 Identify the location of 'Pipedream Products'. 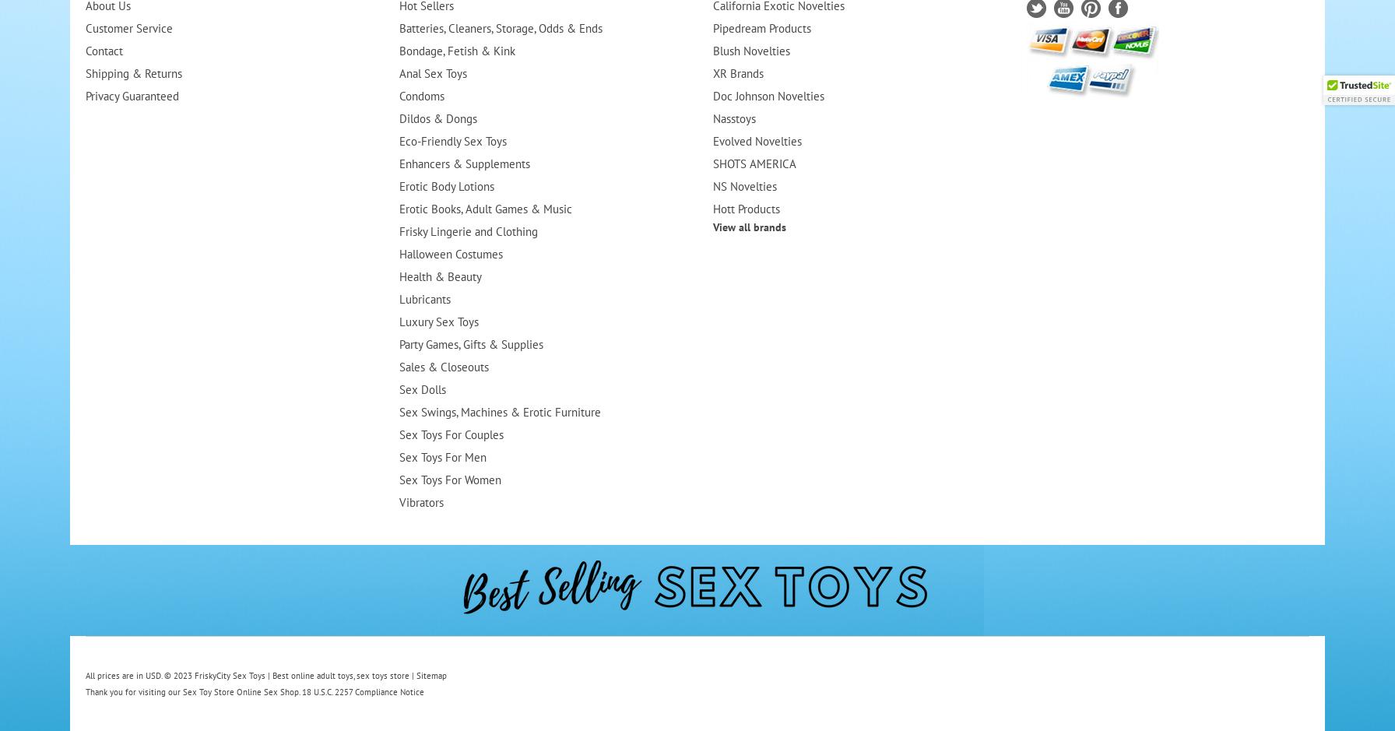
(761, 28).